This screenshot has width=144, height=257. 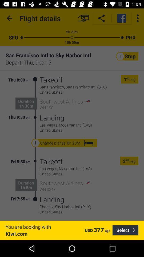 I want to click on 1h 30m icon, so click(x=26, y=105).